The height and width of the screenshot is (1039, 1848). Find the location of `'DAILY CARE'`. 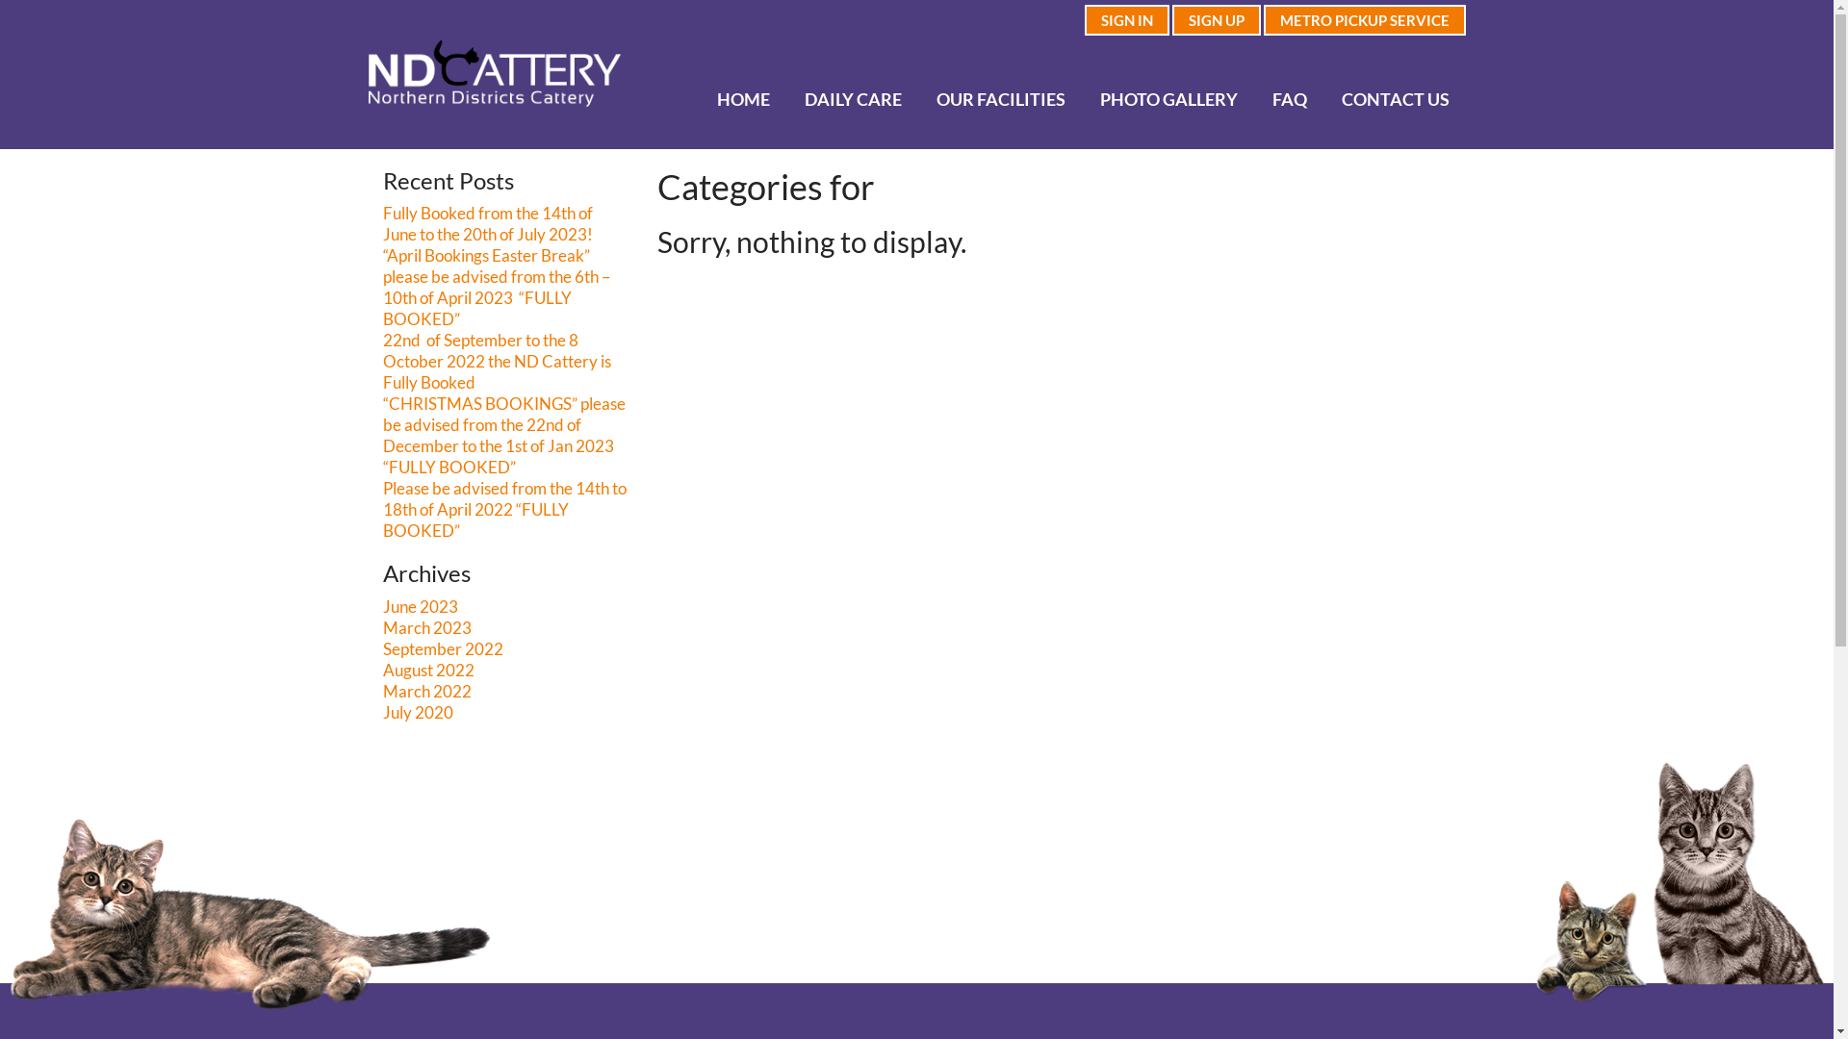

'DAILY CARE' is located at coordinates (853, 98).